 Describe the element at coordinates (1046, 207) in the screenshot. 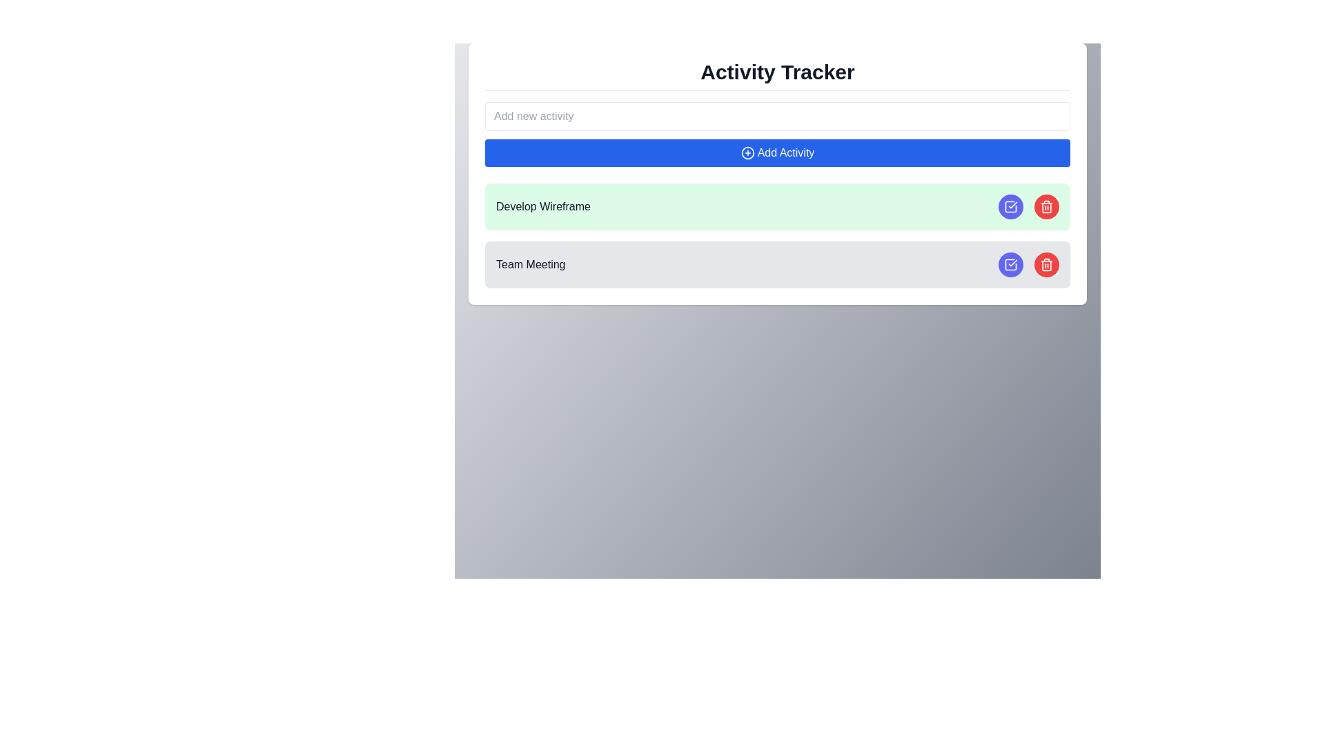

I see `the circular button with a red background and a white trash bin icon, which is the second button in the horizontal row of action buttons` at that location.